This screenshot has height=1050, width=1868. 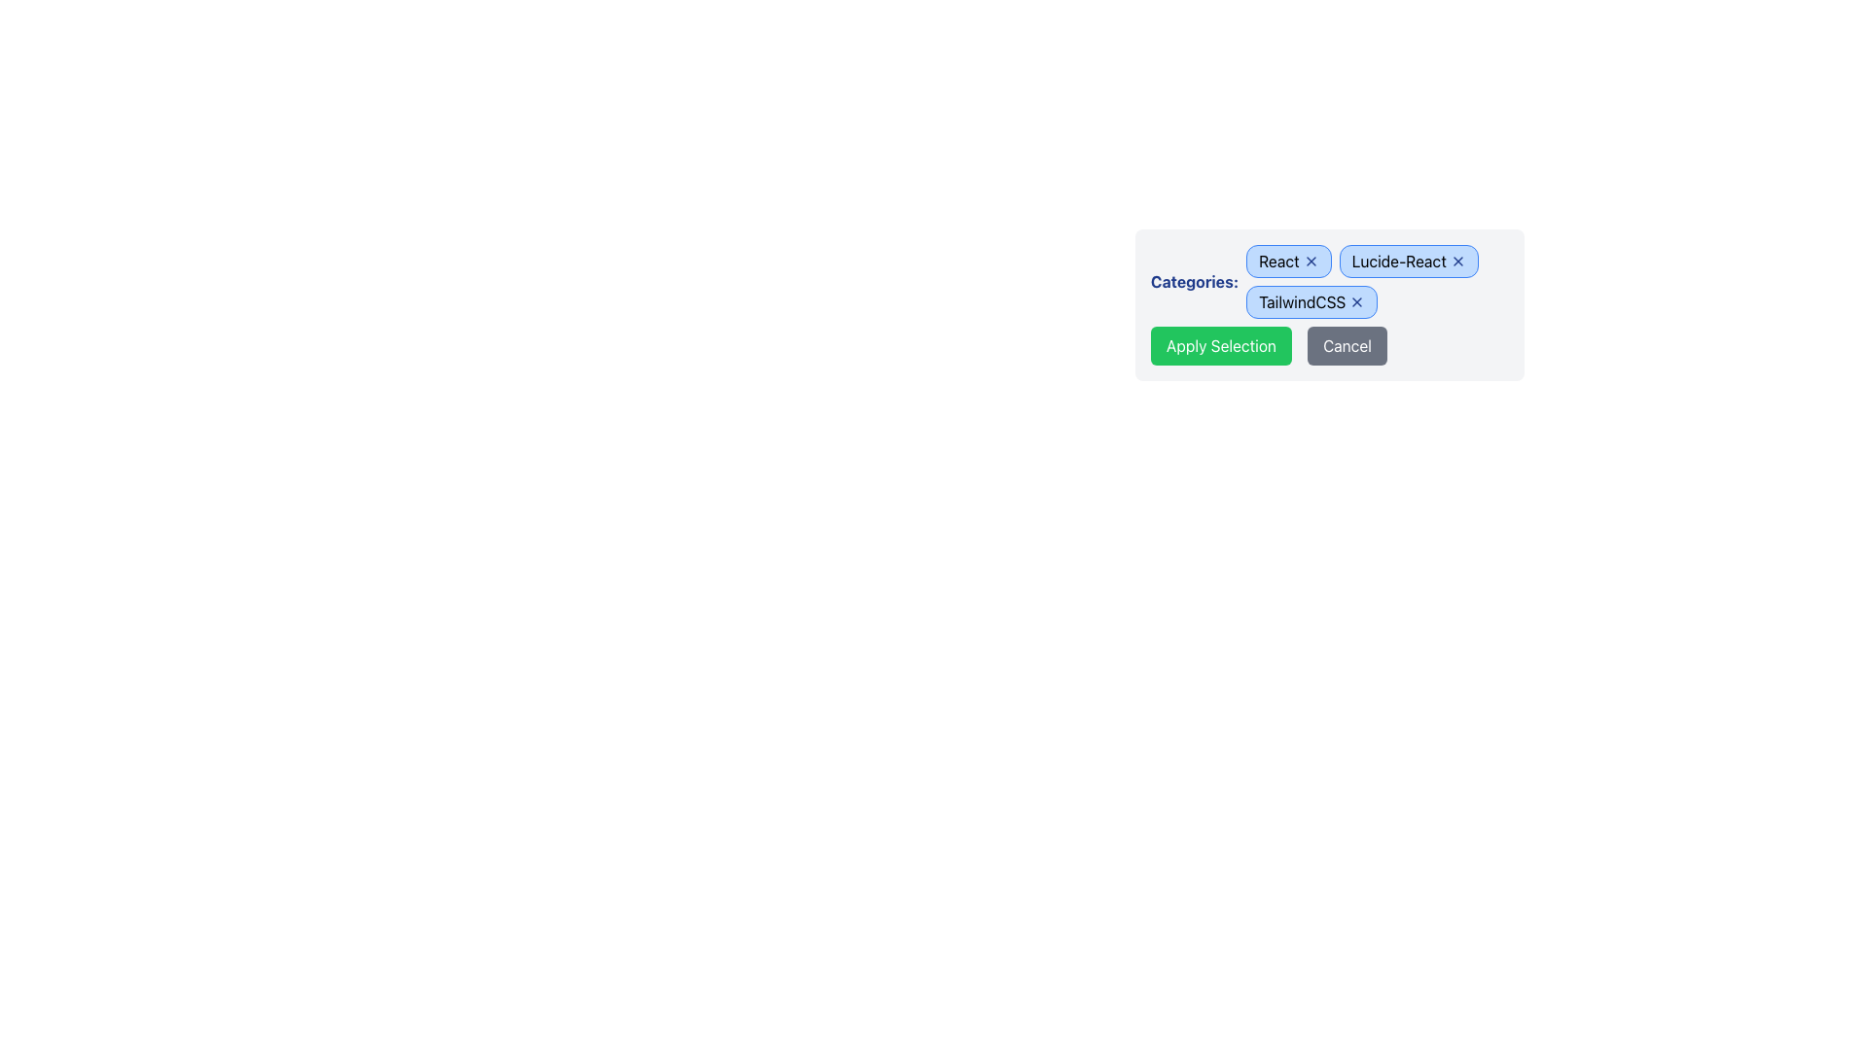 What do you see at coordinates (1288, 261) in the screenshot?
I see `the selectable category tag labeled 'React', which is the first button in a horizontal list below the label 'Categories:'` at bounding box center [1288, 261].